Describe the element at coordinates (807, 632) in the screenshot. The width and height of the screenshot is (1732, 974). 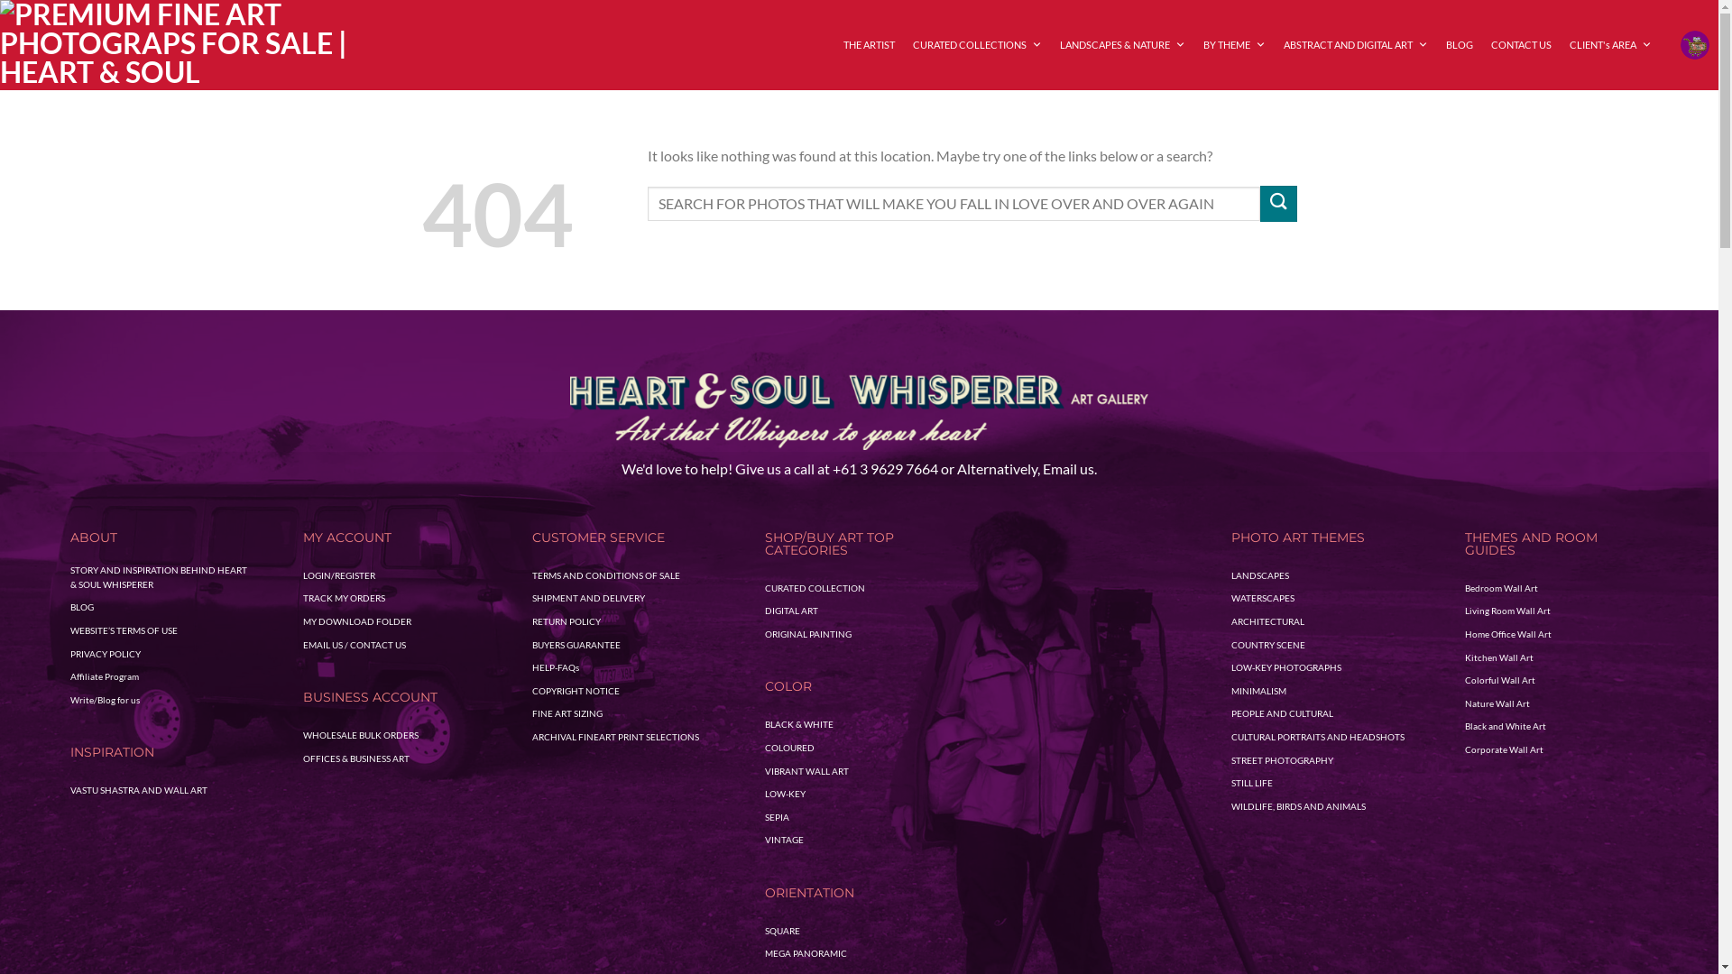
I see `'ORIGINAL PAINTING'` at that location.